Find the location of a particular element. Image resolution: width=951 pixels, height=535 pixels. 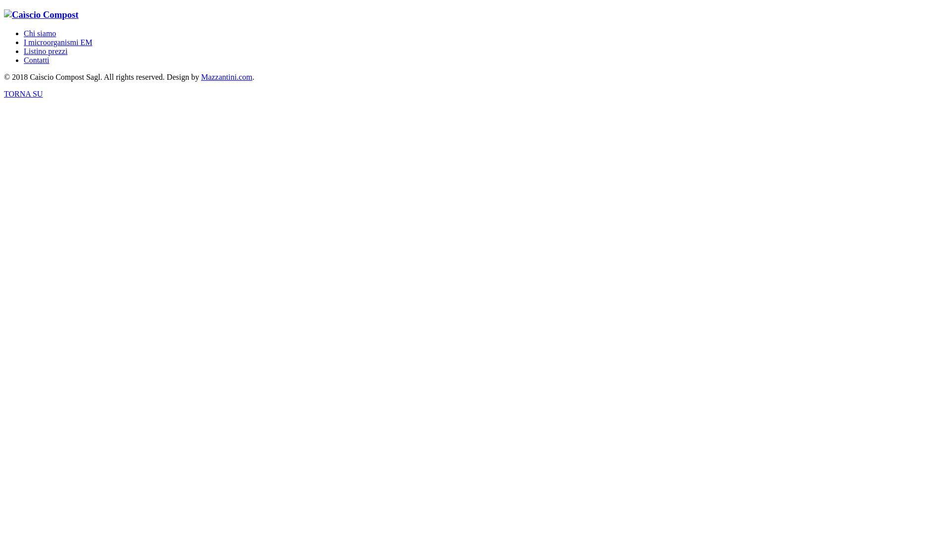

'Chi siamo' is located at coordinates (24, 33).